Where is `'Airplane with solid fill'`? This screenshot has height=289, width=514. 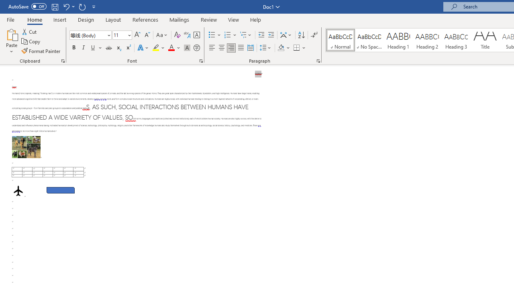
'Airplane with solid fill' is located at coordinates (18, 191).